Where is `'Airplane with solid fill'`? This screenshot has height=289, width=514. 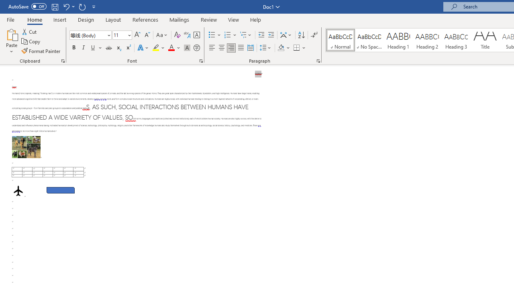
'Airplane with solid fill' is located at coordinates (18, 191).